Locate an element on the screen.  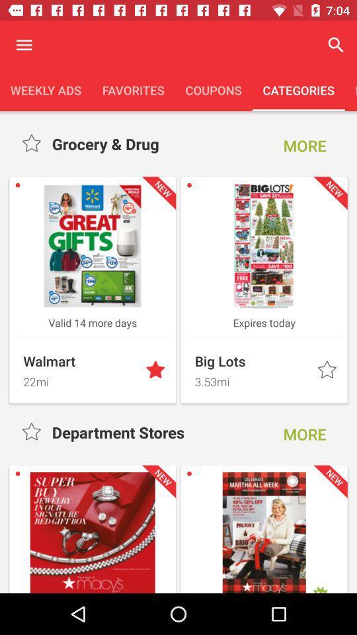
the item above the weekly ads icon is located at coordinates (24, 45).